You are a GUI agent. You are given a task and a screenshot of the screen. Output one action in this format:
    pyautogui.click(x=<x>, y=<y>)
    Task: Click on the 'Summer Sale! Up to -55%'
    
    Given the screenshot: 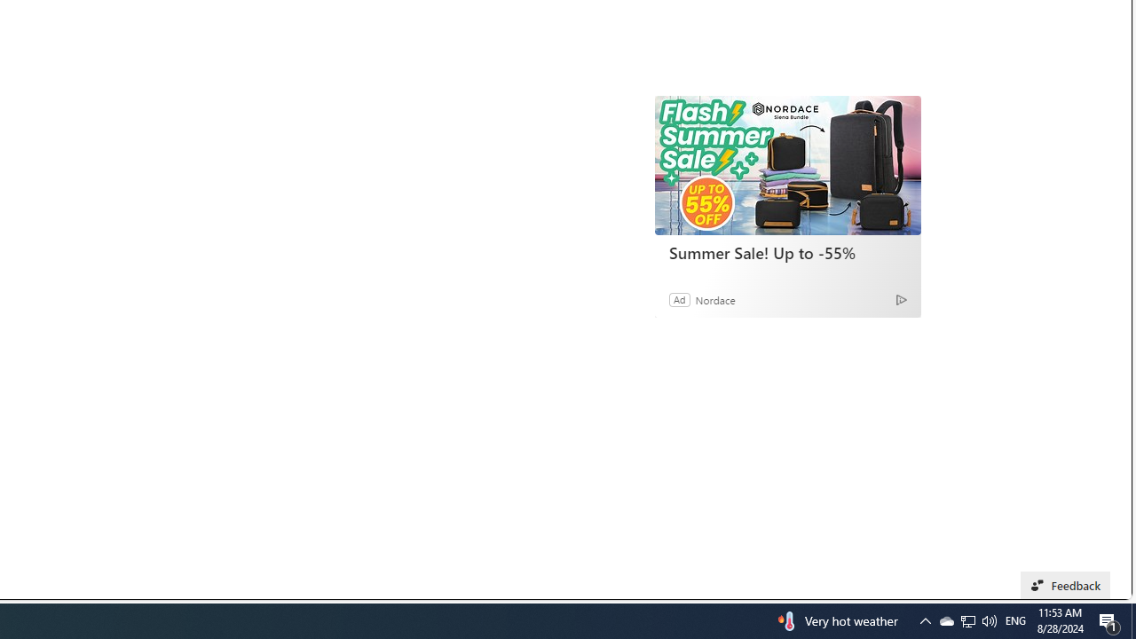 What is the action you would take?
    pyautogui.click(x=787, y=165)
    